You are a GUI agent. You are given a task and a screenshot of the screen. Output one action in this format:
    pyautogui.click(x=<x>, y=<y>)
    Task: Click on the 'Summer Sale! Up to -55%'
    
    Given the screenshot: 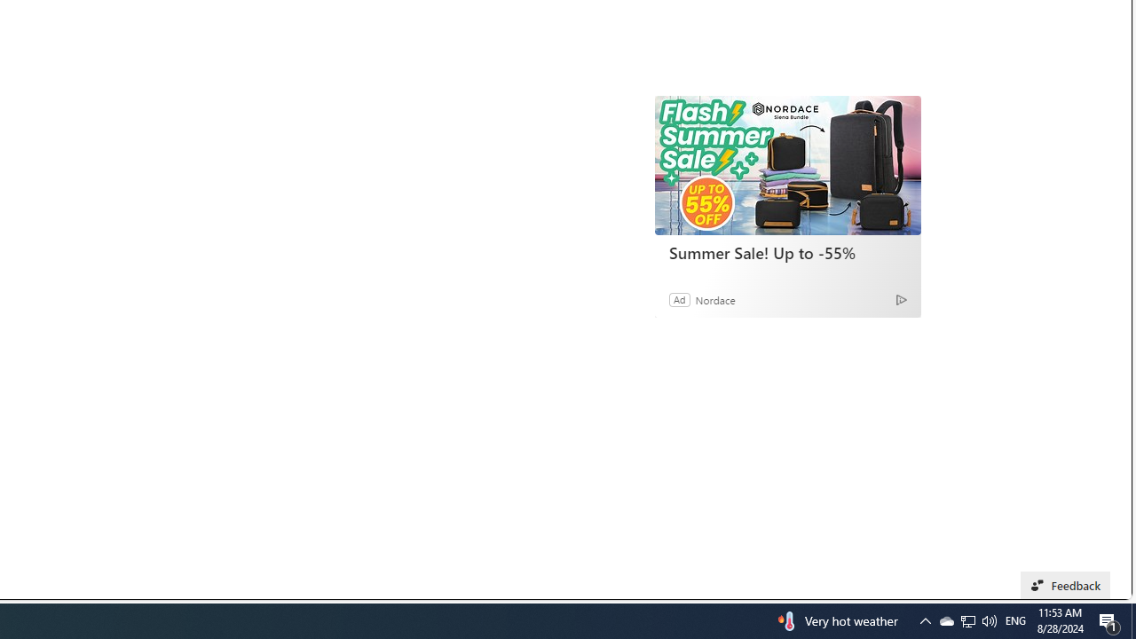 What is the action you would take?
    pyautogui.click(x=787, y=165)
    